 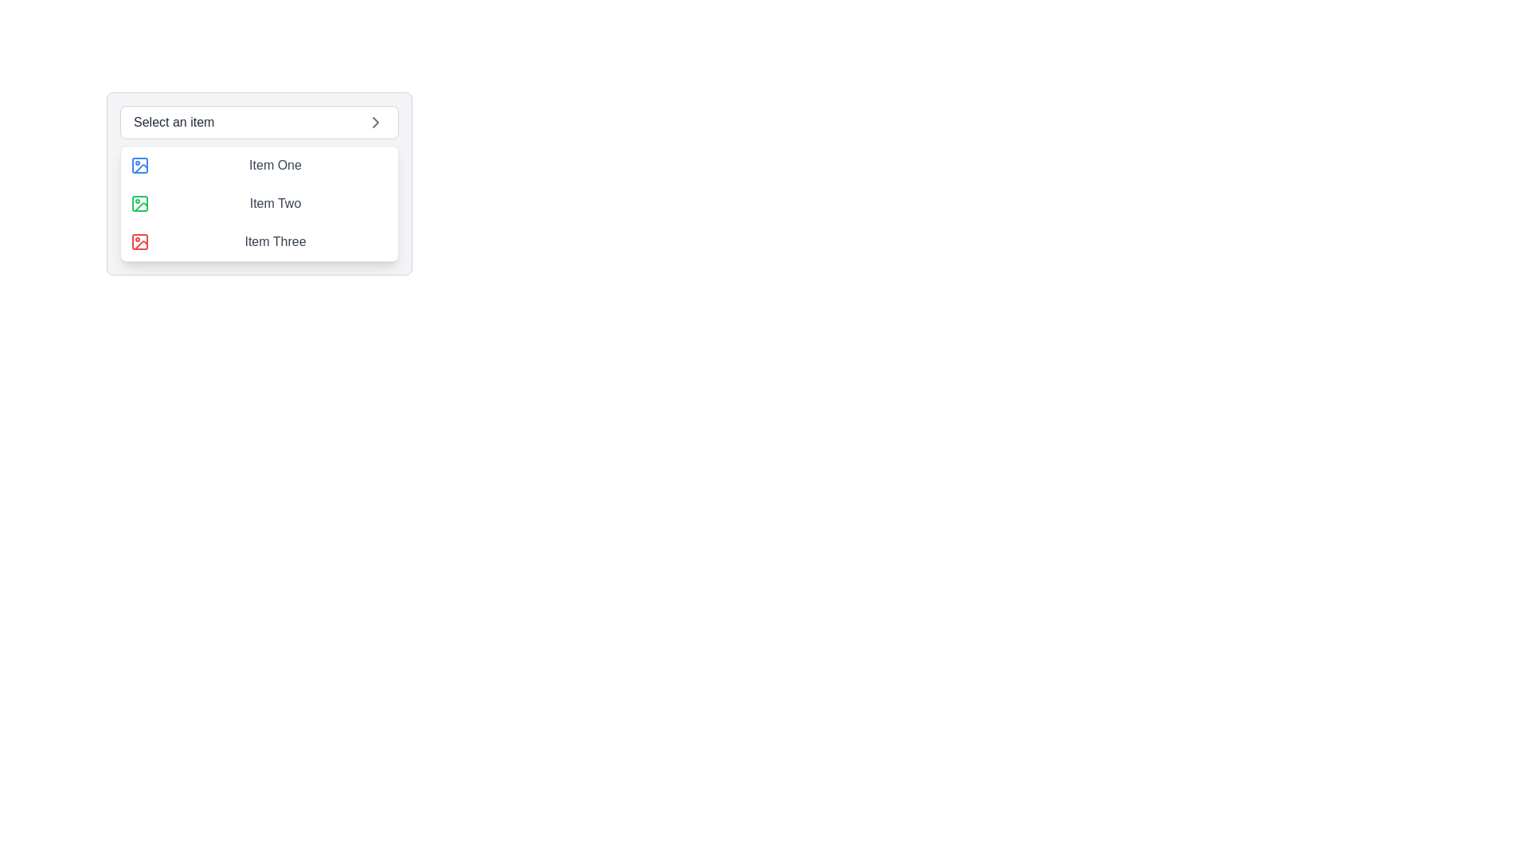 I want to click on the 'Item Two' text label in the dropdown menu, so click(x=275, y=202).